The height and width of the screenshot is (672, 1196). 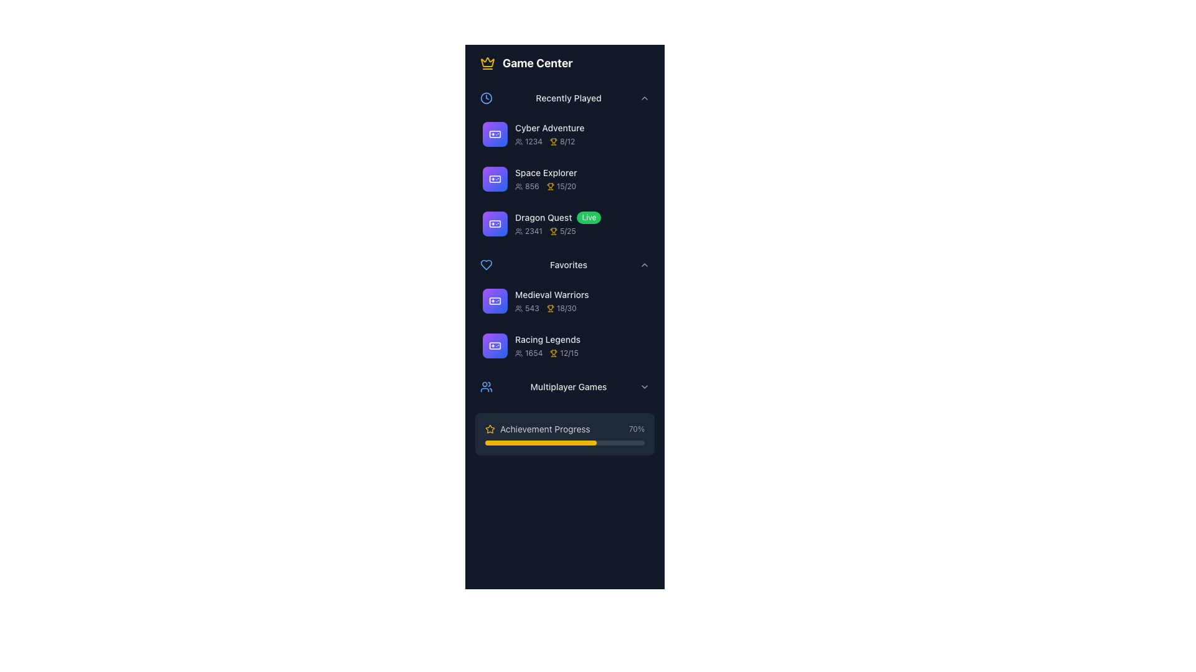 What do you see at coordinates (564, 223) in the screenshot?
I see `the 'Dragon Quest' list item in the 'Recently Played' section of the game center menu` at bounding box center [564, 223].